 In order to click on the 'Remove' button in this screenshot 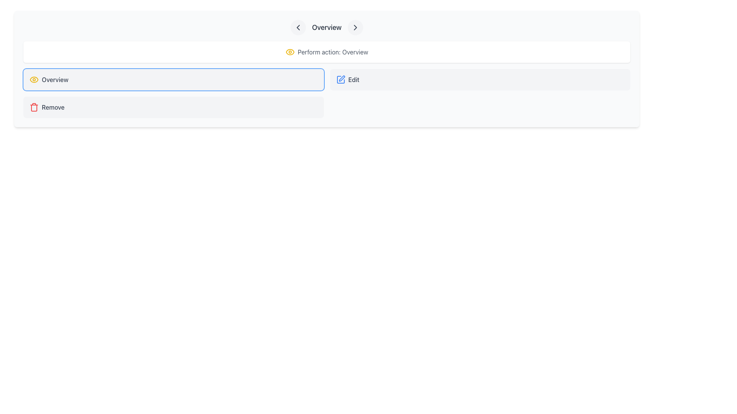, I will do `click(173, 107)`.